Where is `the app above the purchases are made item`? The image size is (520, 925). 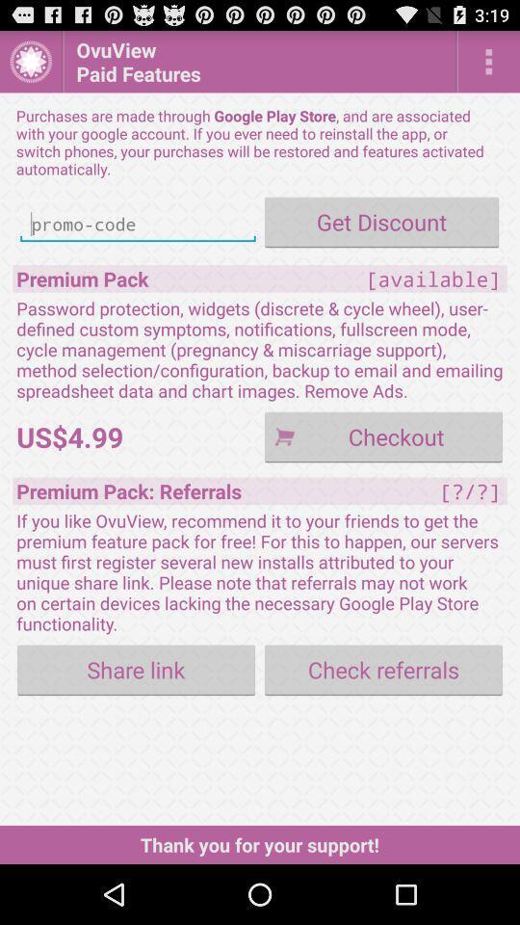
the app above the purchases are made item is located at coordinates (30, 61).